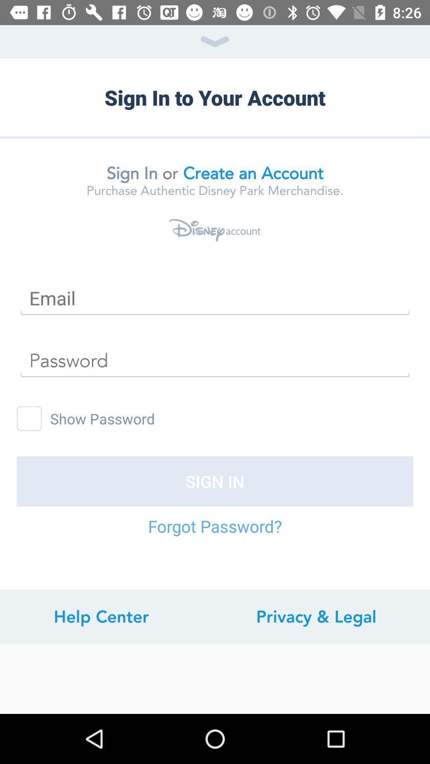 The height and width of the screenshot is (764, 430). Describe the element at coordinates (215, 298) in the screenshot. I see `email` at that location.